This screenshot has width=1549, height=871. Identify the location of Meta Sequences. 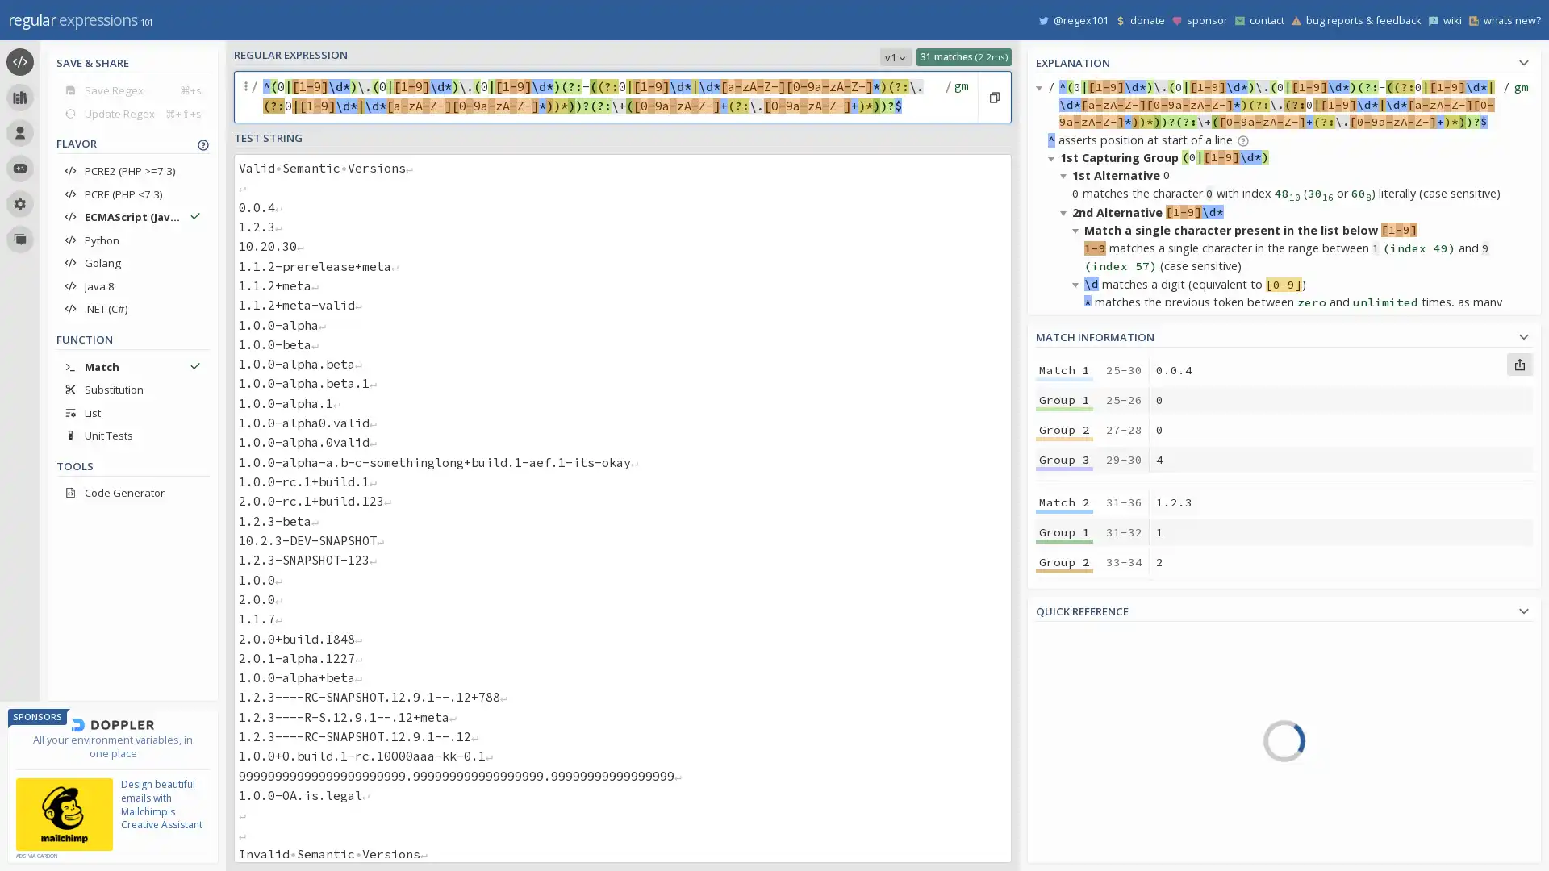
(1111, 761).